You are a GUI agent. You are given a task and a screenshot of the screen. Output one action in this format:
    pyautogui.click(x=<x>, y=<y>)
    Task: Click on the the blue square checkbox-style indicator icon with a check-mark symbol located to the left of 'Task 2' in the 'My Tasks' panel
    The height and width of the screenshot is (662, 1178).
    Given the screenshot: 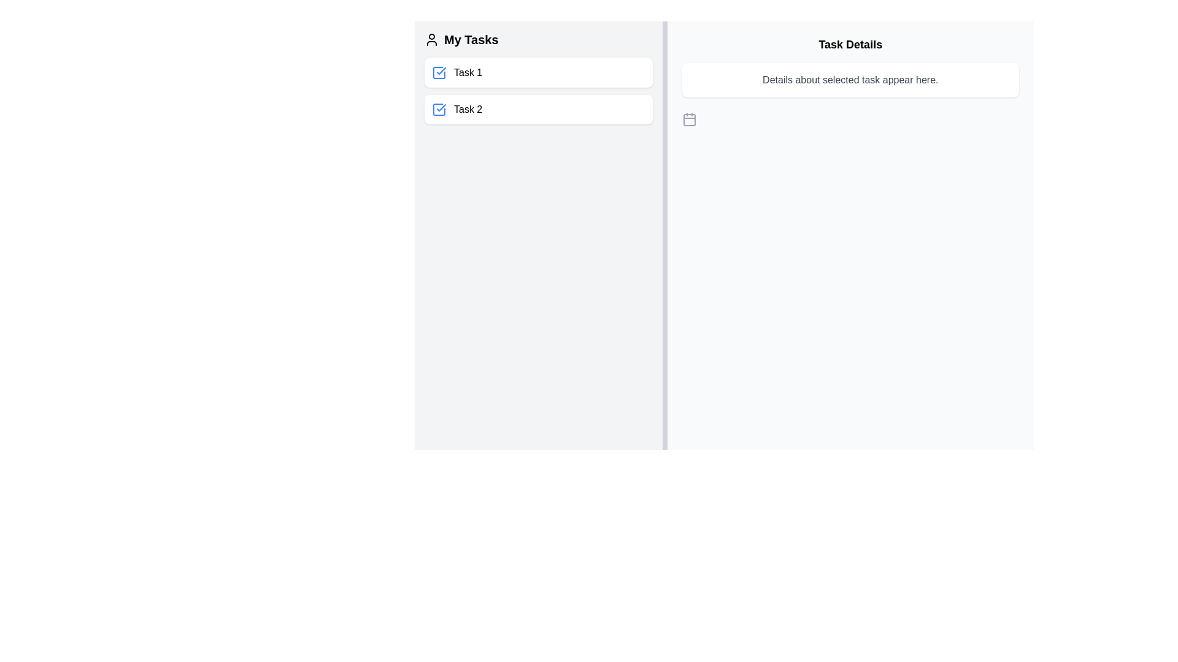 What is the action you would take?
    pyautogui.click(x=439, y=108)
    